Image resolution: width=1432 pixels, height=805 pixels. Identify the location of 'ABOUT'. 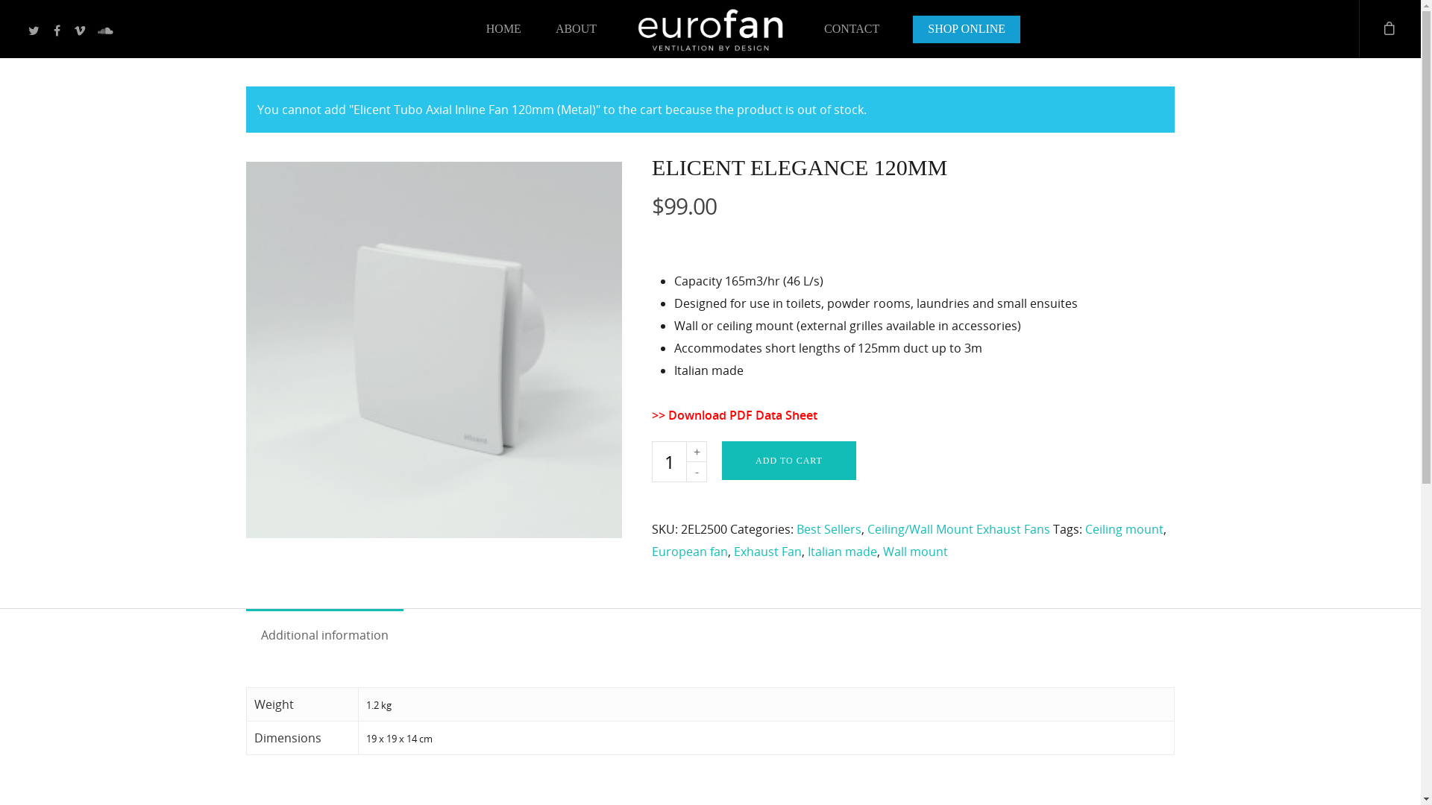
(575, 32).